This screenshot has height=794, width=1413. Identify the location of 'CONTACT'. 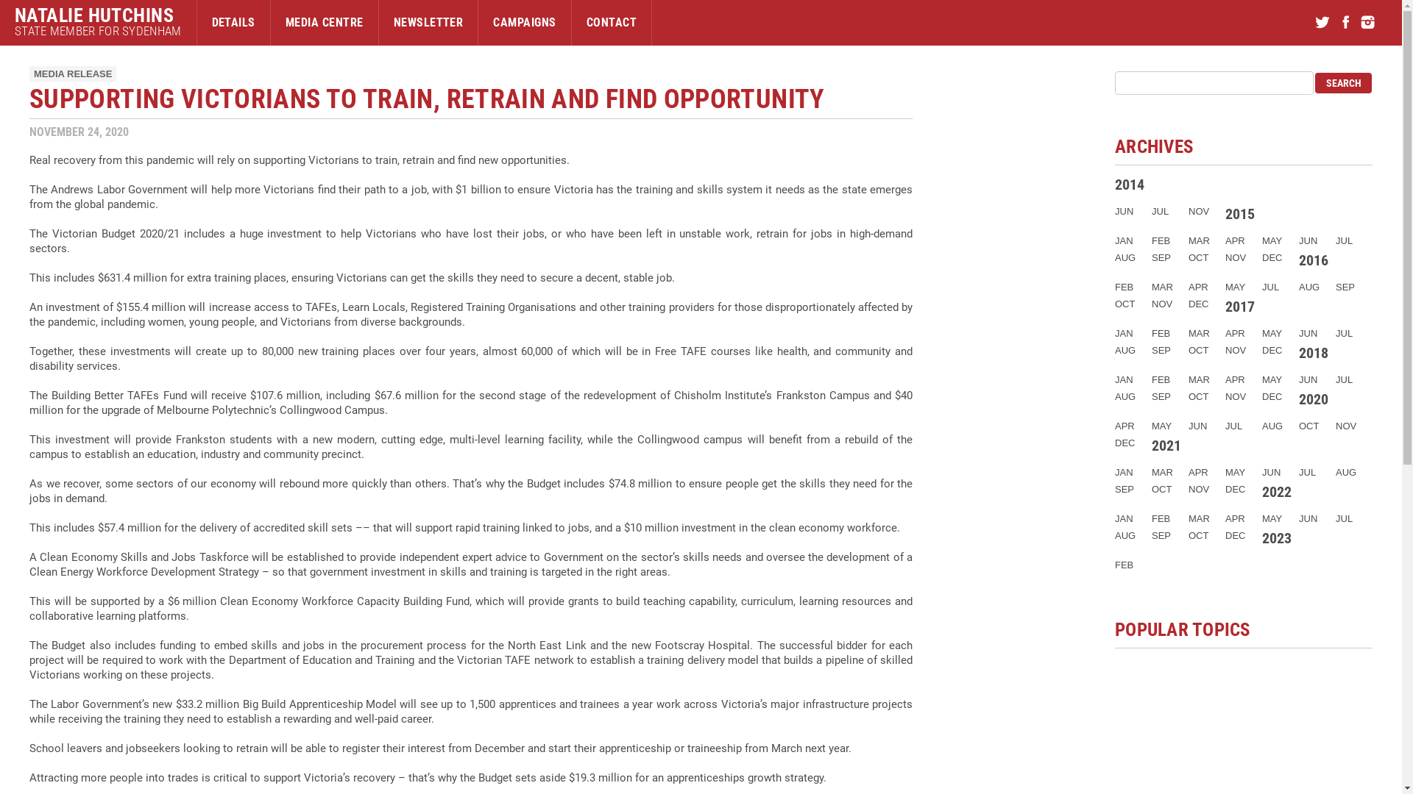
(611, 22).